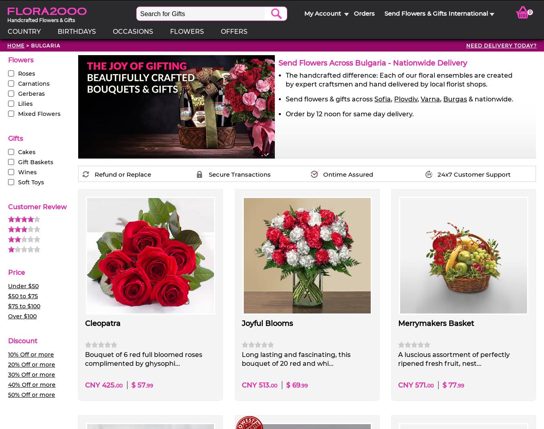  What do you see at coordinates (372, 63) in the screenshot?
I see `'Send Flowers Across Bulgaria - Nationwide Delivery'` at bounding box center [372, 63].